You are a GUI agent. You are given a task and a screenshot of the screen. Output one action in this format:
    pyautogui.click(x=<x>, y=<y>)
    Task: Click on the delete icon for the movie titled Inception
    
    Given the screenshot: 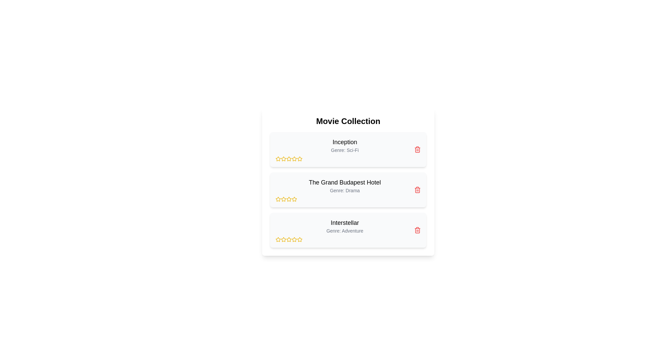 What is the action you would take?
    pyautogui.click(x=417, y=149)
    